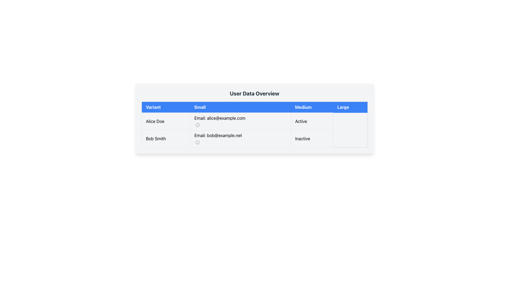  I want to click on the text label displaying 'Email: alice@example.com' located in the 'Small' column of the 'User Data Overview' table, so click(240, 118).